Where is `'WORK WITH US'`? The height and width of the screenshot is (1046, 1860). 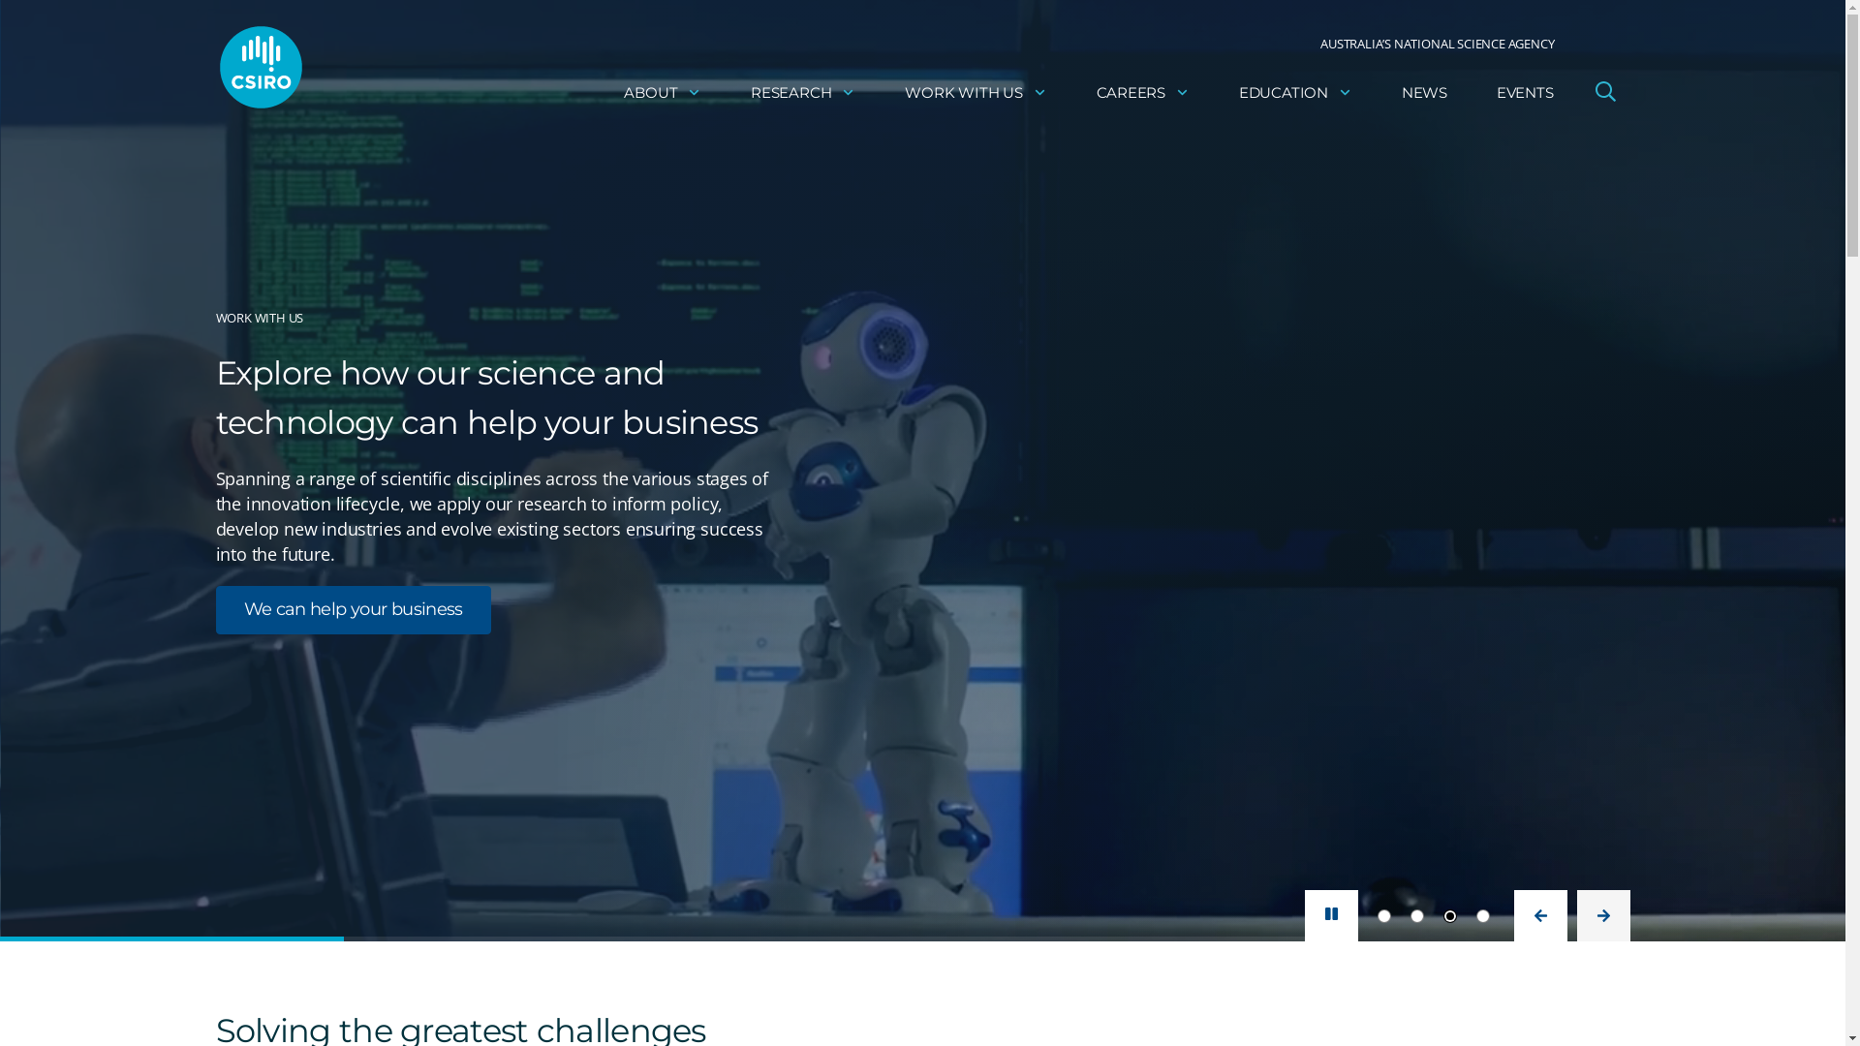
'WORK WITH US' is located at coordinates (976, 92).